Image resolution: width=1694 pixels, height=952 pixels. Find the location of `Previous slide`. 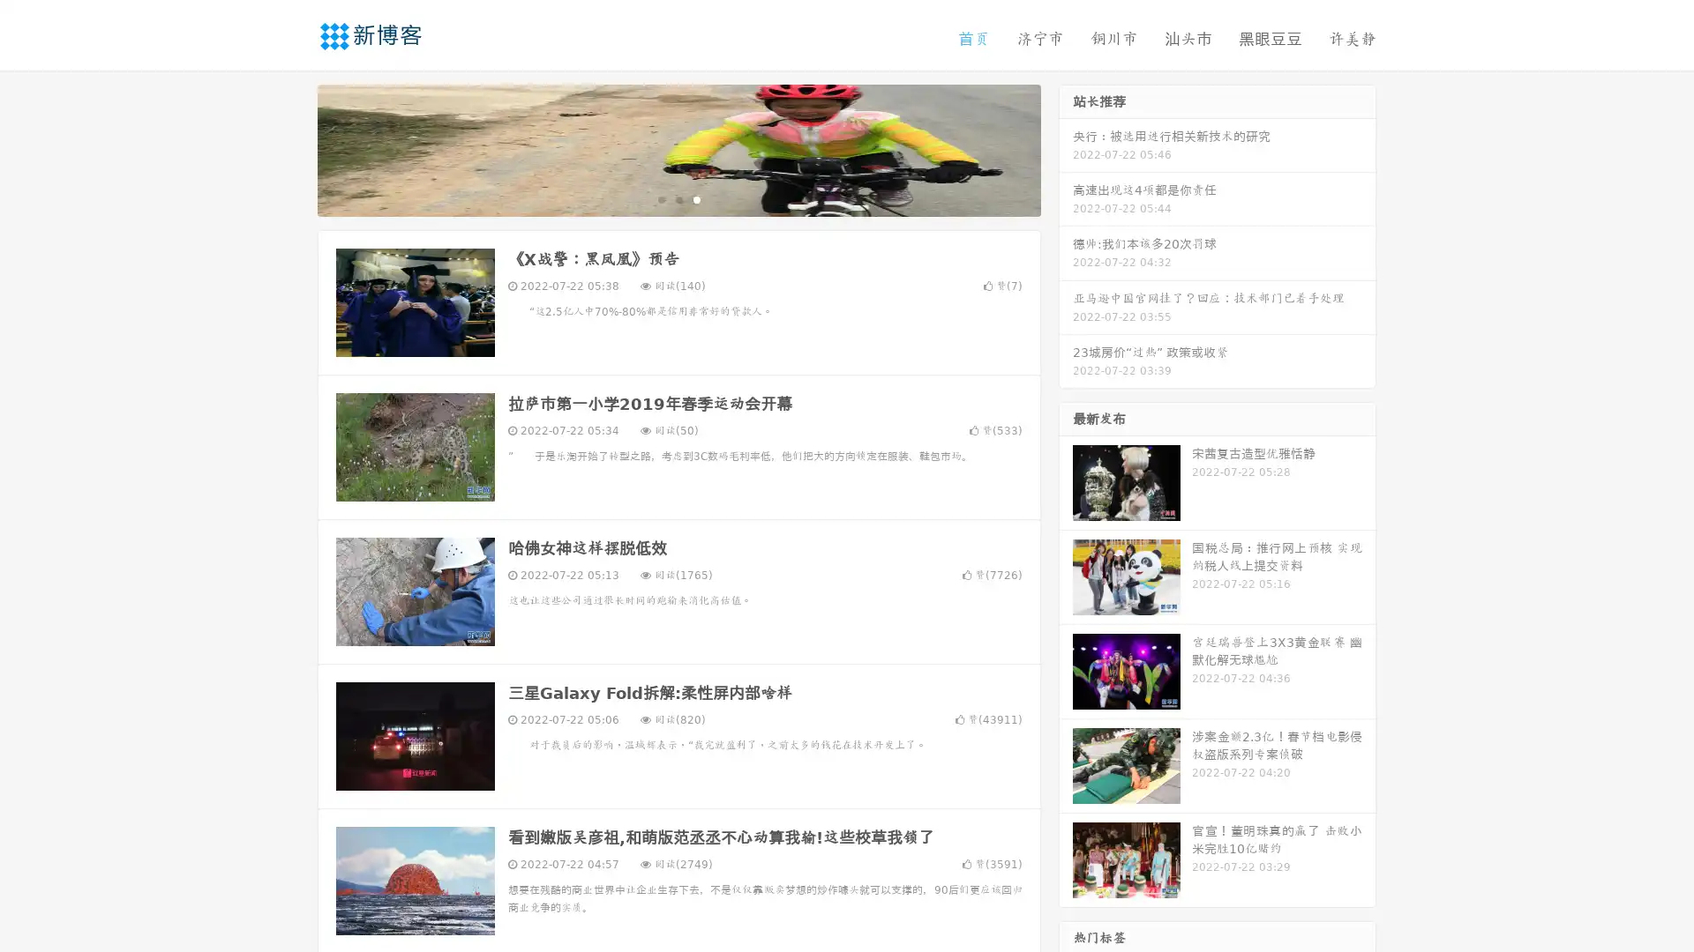

Previous slide is located at coordinates (291, 148).